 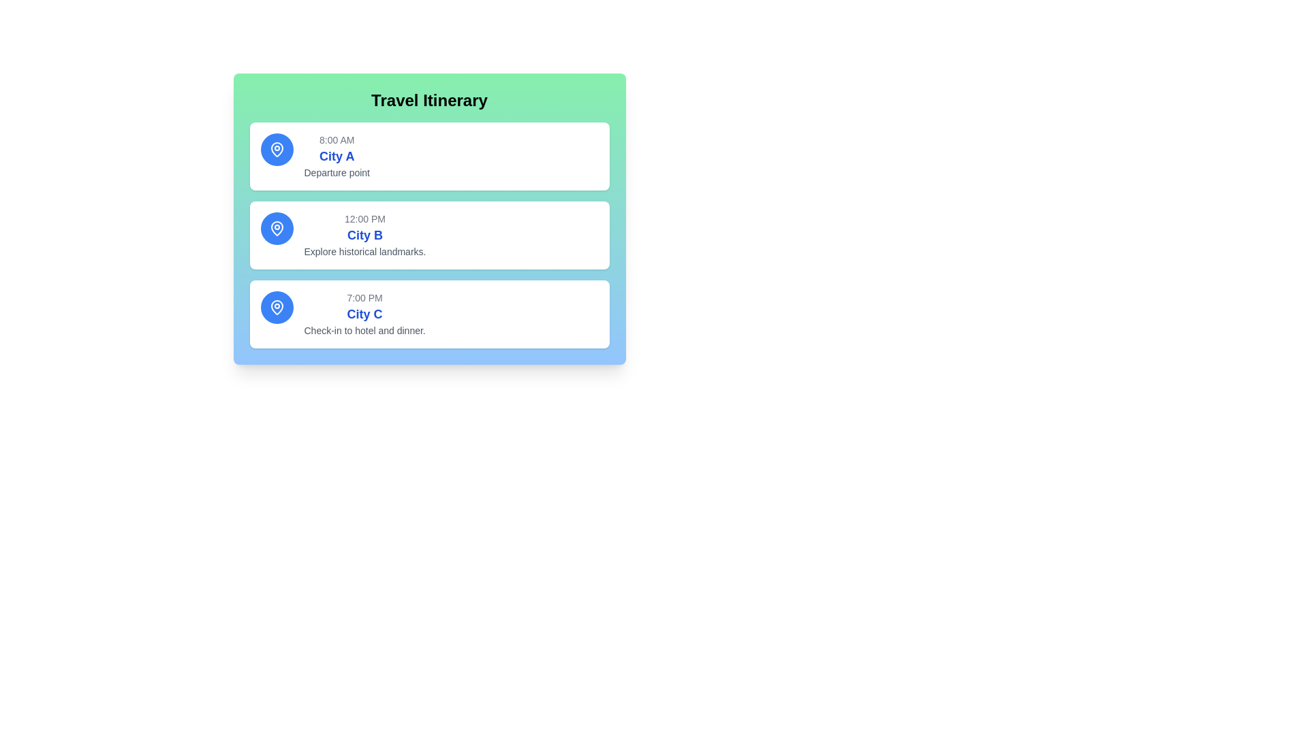 What do you see at coordinates (364, 314) in the screenshot?
I see `scheduling information displayed in the text area located at the bottom-most item of the vertically stacked list of white cards with rounded edges, positioned within the blue-colored section of the background gradient` at bounding box center [364, 314].